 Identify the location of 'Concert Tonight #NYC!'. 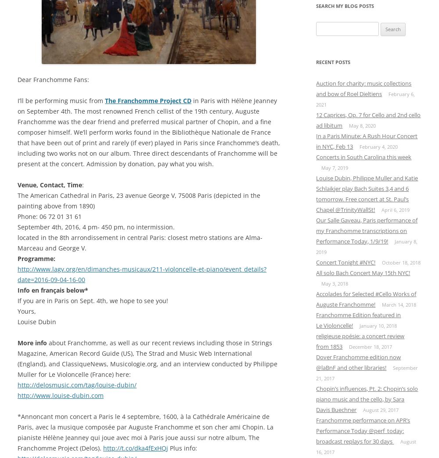
(345, 261).